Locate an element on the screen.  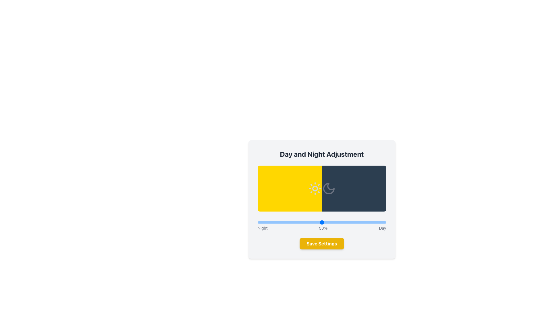
the day-night adjustment is located at coordinates (284, 222).